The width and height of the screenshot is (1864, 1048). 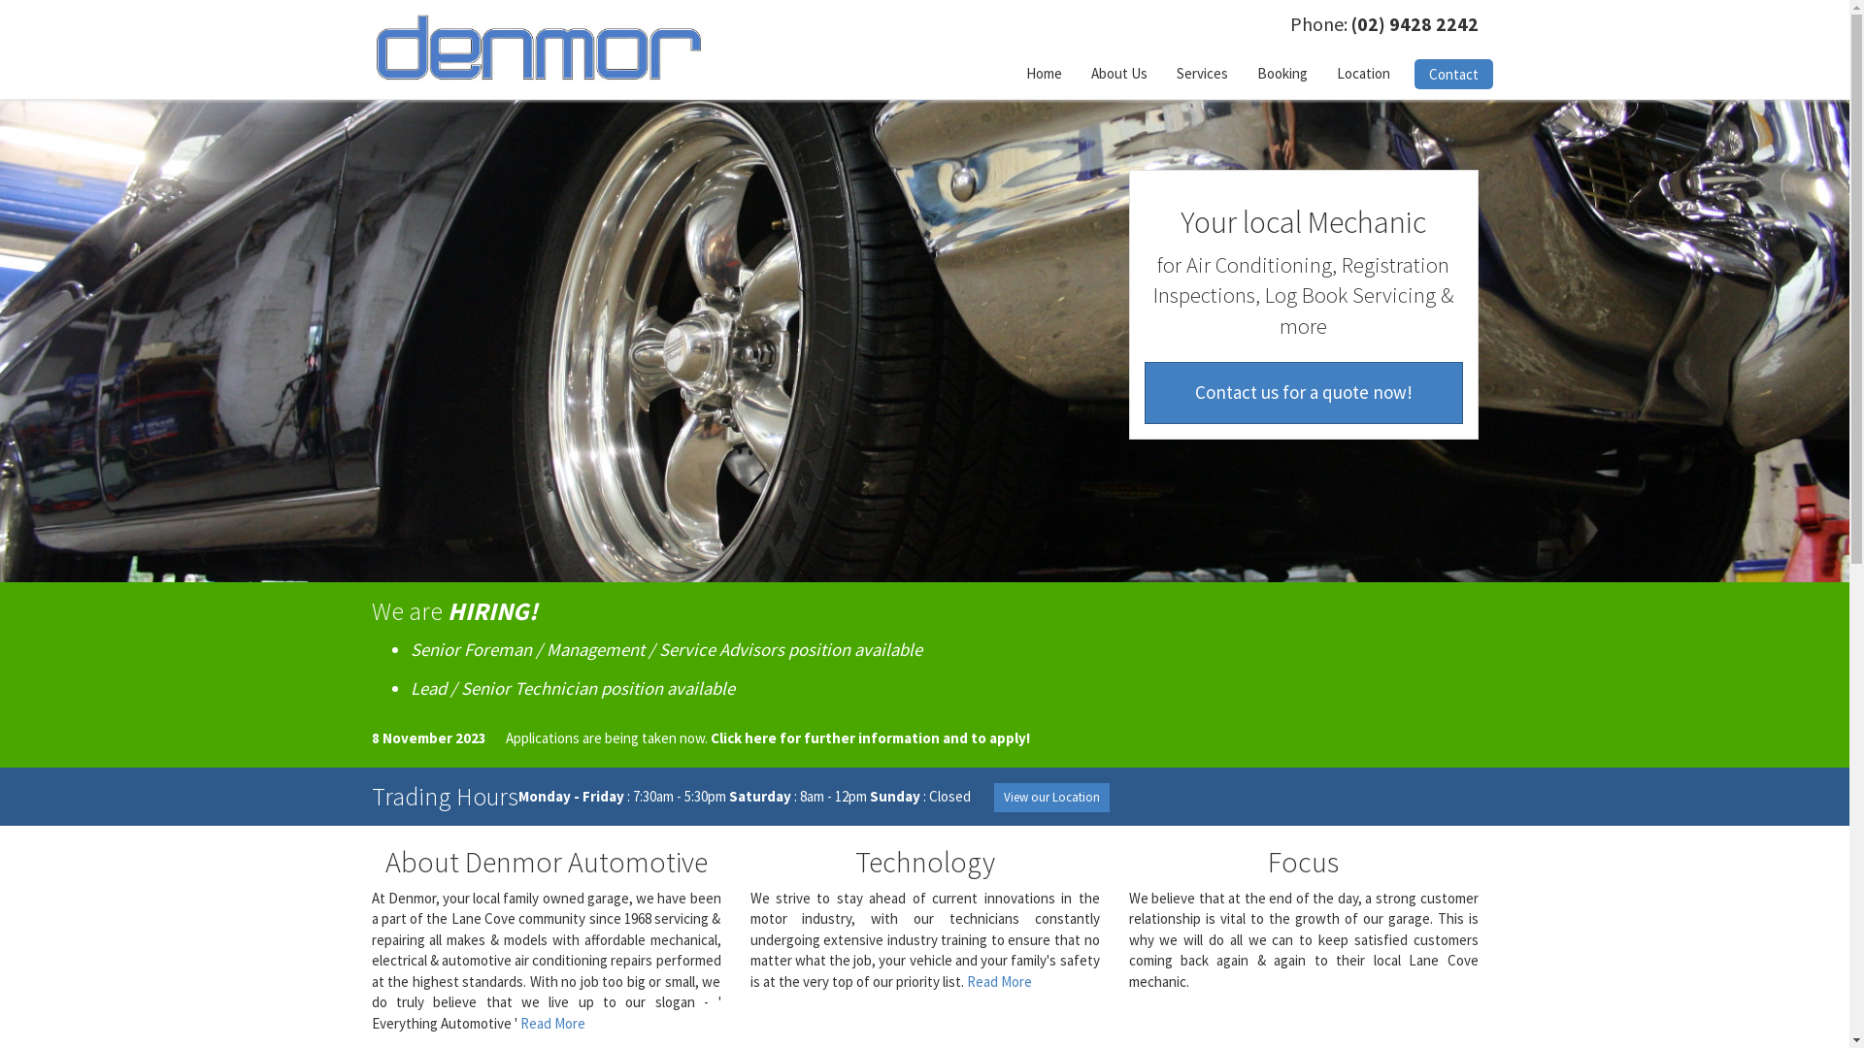 I want to click on 'Technology', so click(x=853, y=860).